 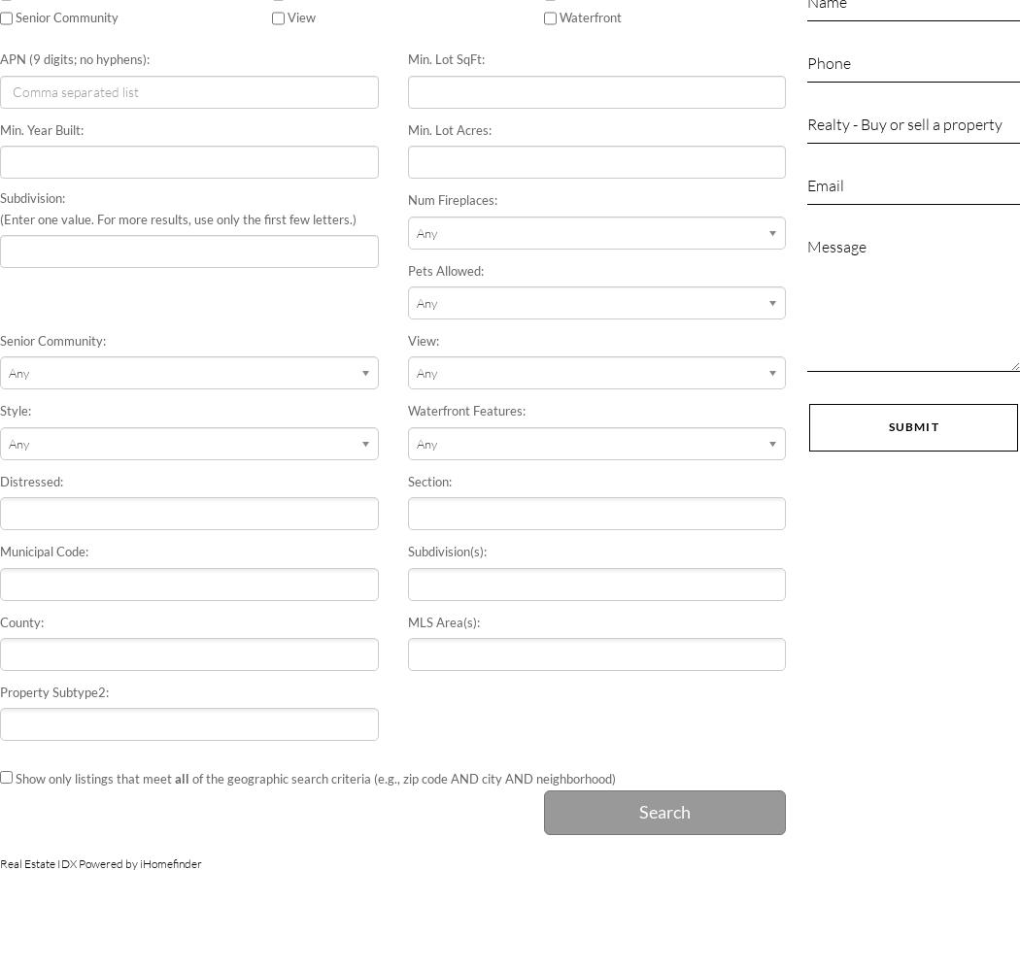 What do you see at coordinates (0, 59) in the screenshot?
I see `'APN (9 digits; no hyphens):'` at bounding box center [0, 59].